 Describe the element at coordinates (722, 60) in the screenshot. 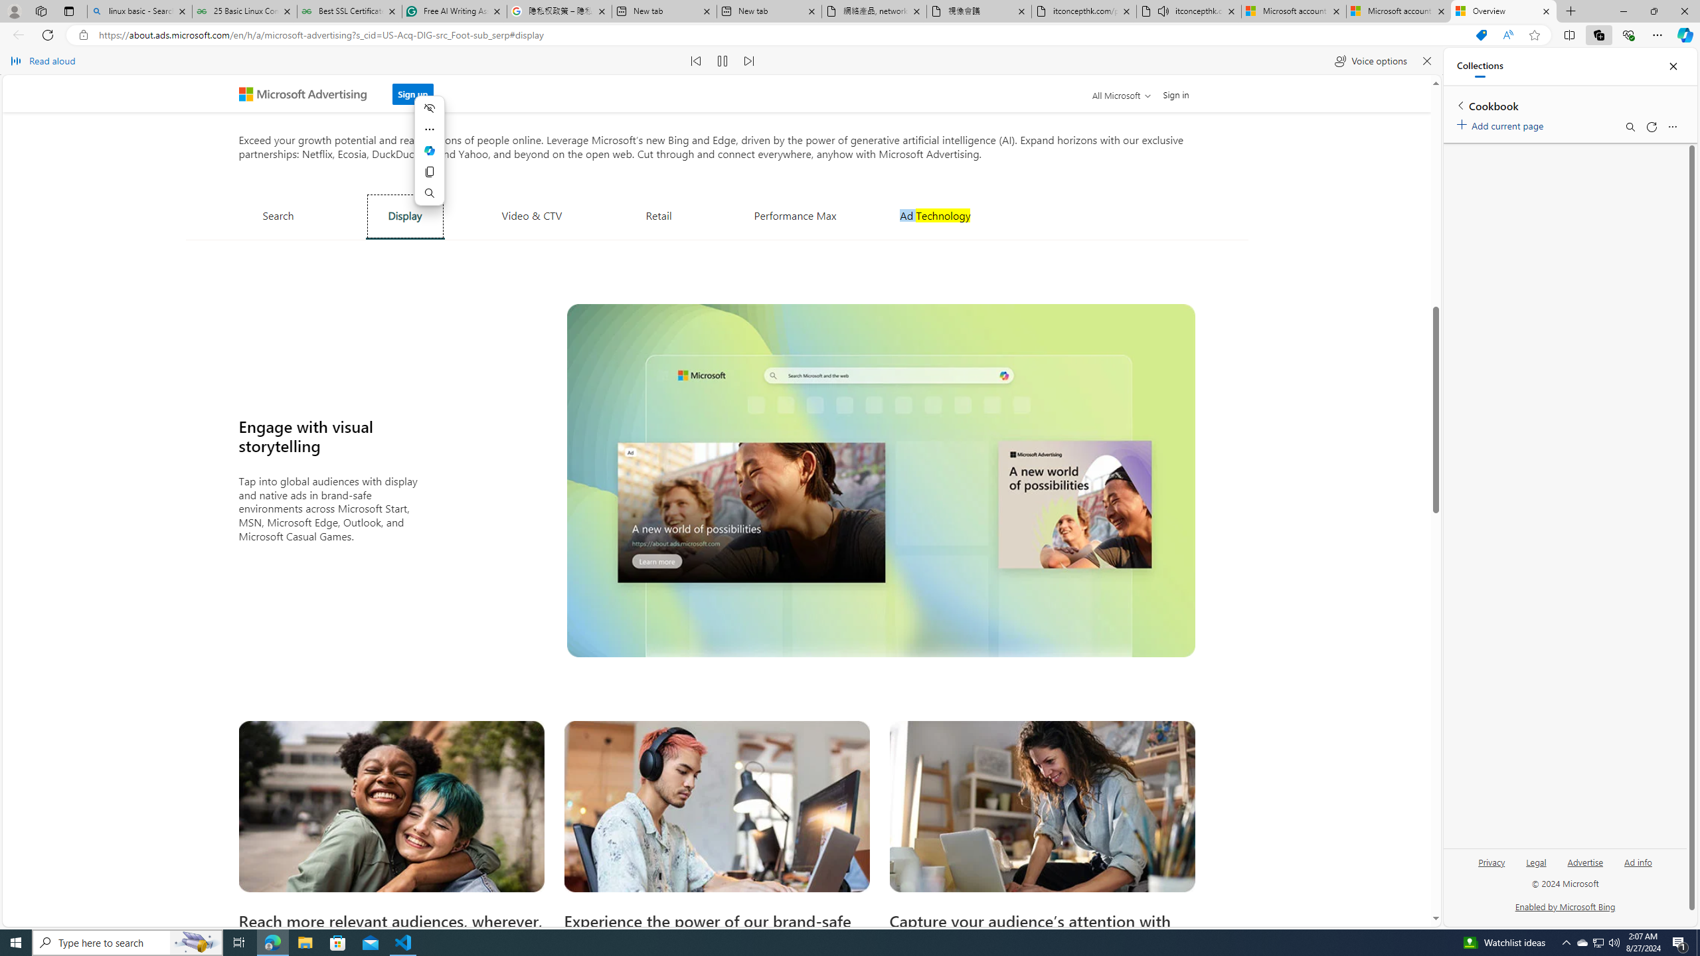

I see `'Pause read aloud (Ctrl+Shift+U)'` at that location.